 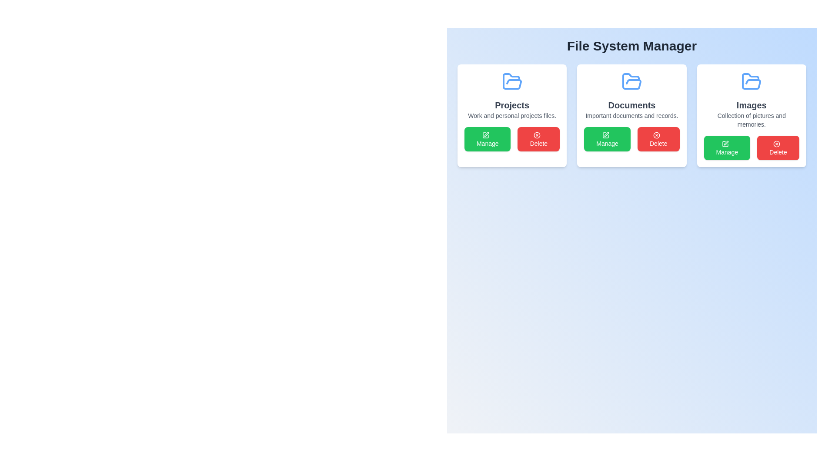 I want to click on static text that says 'Collection of pictures and memories.' which is located beneath the heading 'Images' within a card in the rightmost column of the layout, so click(x=751, y=120).